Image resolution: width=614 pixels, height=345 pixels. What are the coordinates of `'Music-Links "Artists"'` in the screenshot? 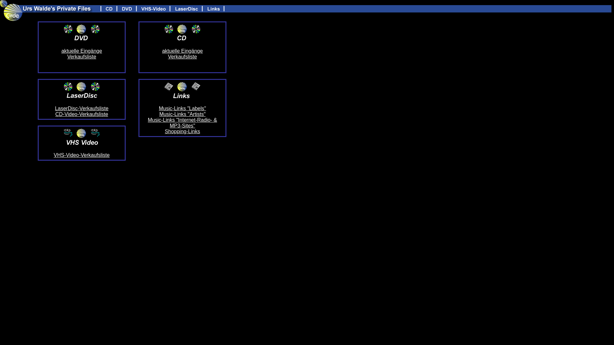 It's located at (182, 114).